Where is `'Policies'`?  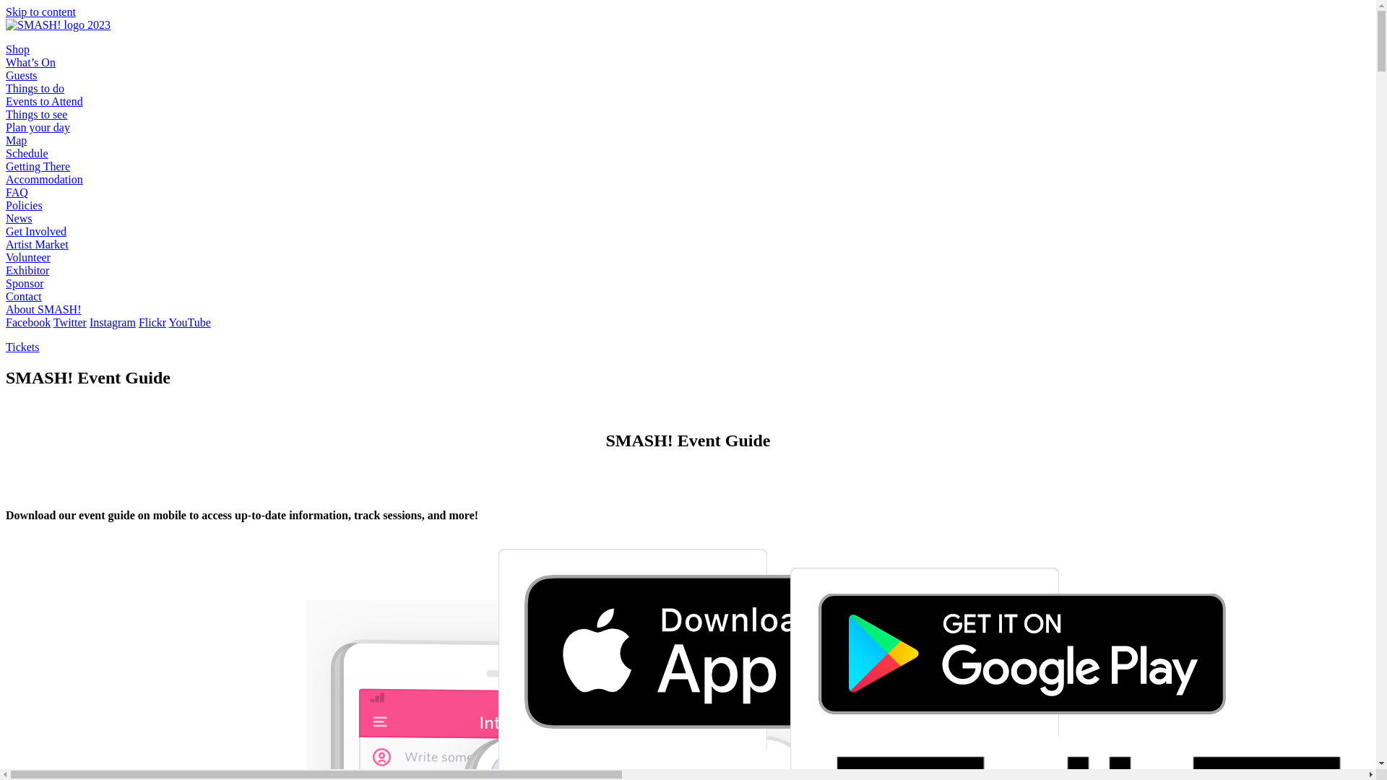
'Policies' is located at coordinates (6, 205).